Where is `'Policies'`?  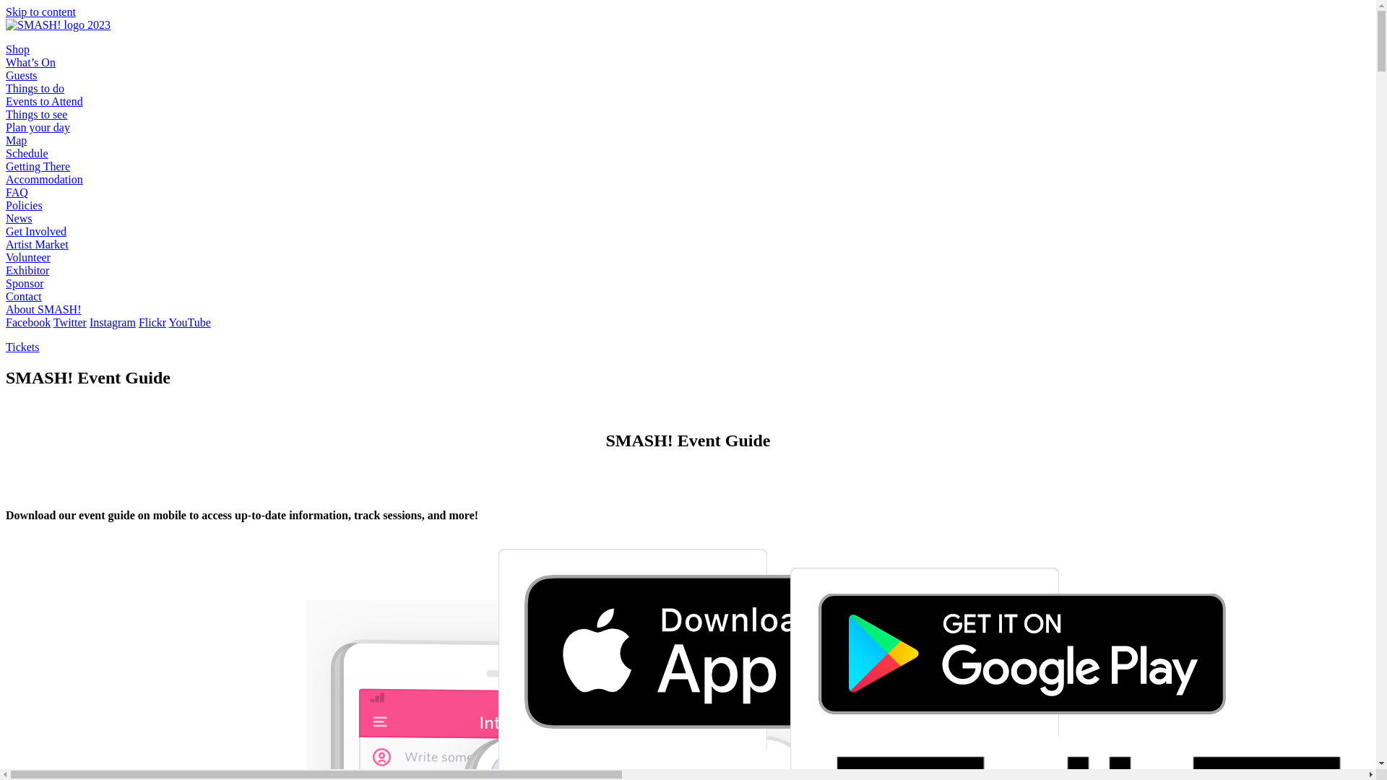
'Policies' is located at coordinates (6, 205).